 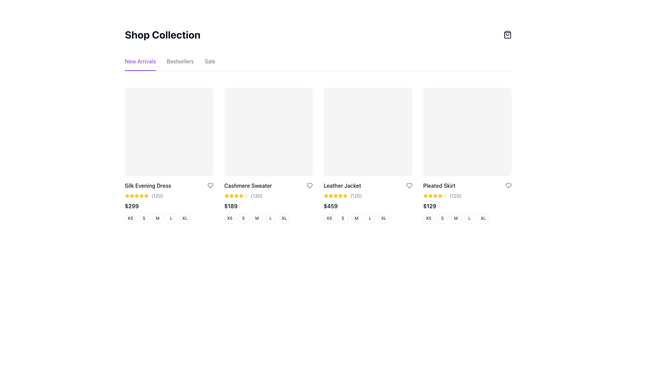 What do you see at coordinates (147, 185) in the screenshot?
I see `the Text Label that displays the product name 'Silk Evening Dress', located below the image placeholder and above pricing and size options in the product grid` at bounding box center [147, 185].